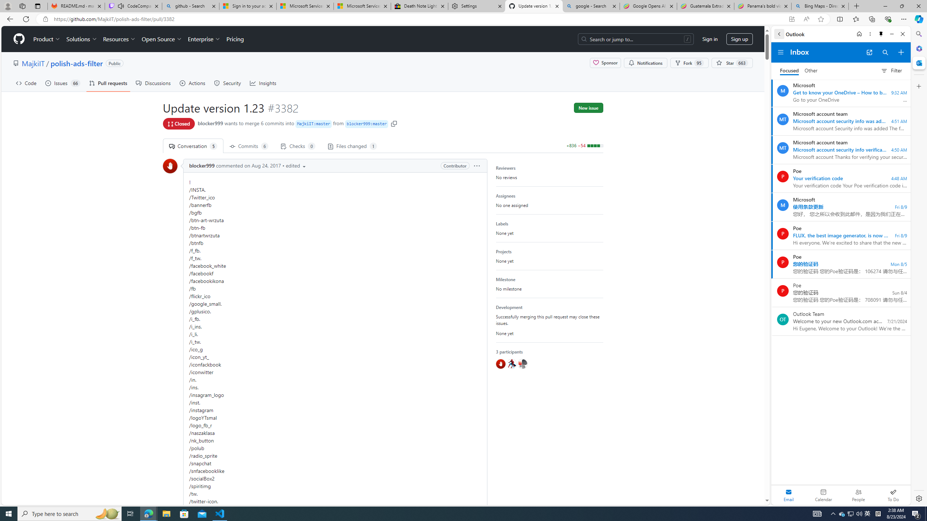  I want to click on ' Star 663', so click(732, 63).